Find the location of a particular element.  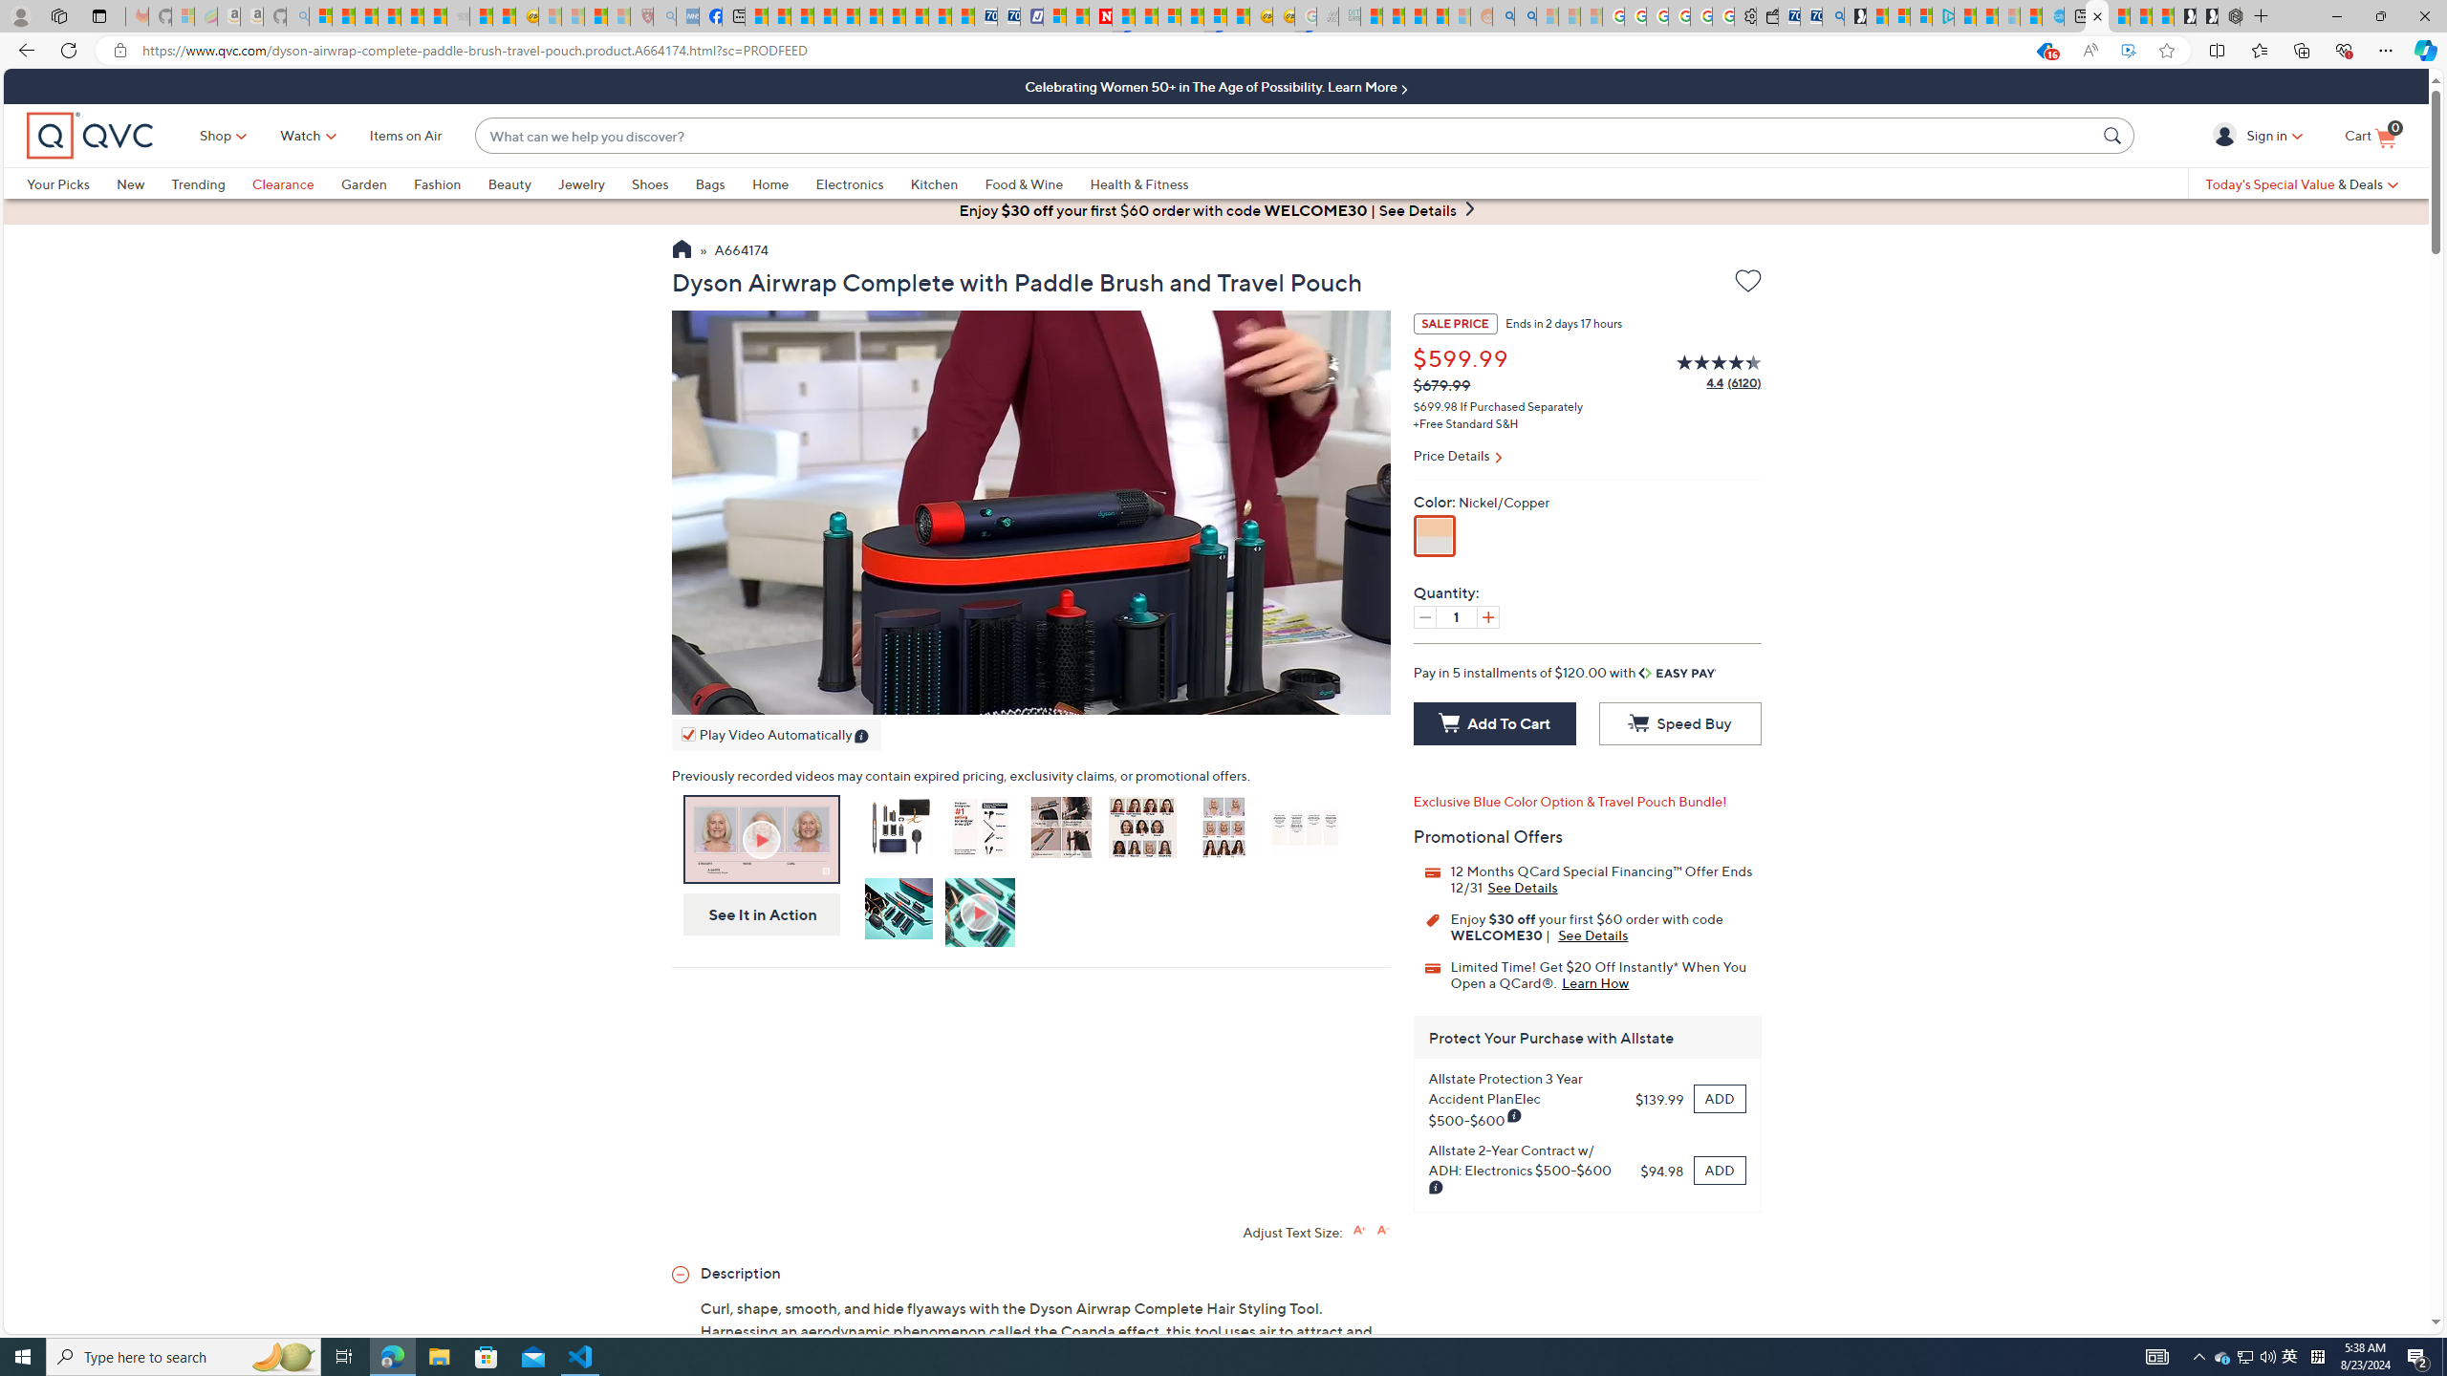

'Add to Wish List' is located at coordinates (1748, 283).